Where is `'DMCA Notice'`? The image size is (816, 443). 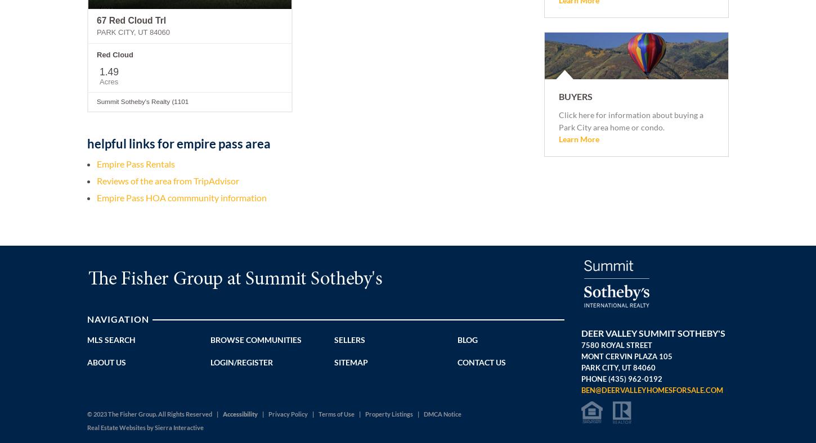 'DMCA Notice' is located at coordinates (442, 414).